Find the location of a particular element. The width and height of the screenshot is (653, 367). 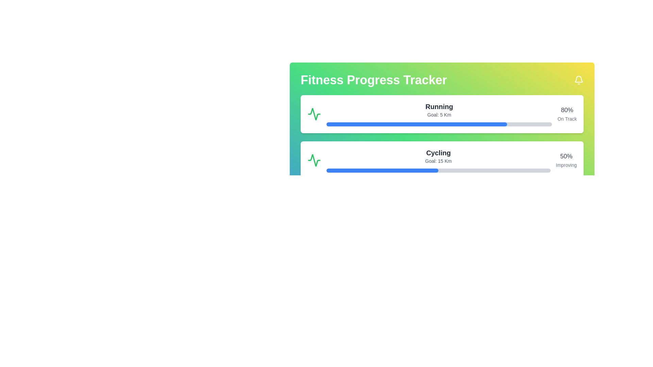

the text label displaying 'Goal: 5 Km' located beneath the 'Running' heading is located at coordinates (439, 115).